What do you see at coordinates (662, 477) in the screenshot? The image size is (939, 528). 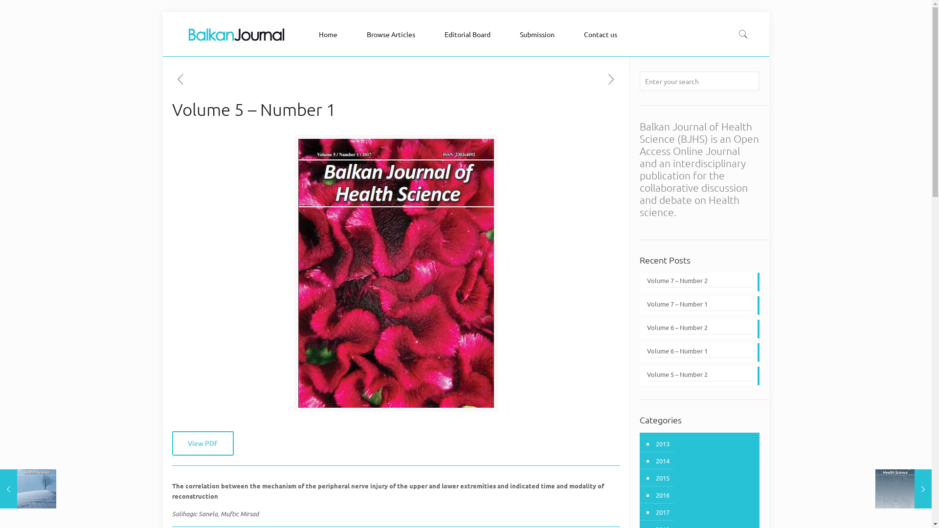 I see `'2015'` at bounding box center [662, 477].